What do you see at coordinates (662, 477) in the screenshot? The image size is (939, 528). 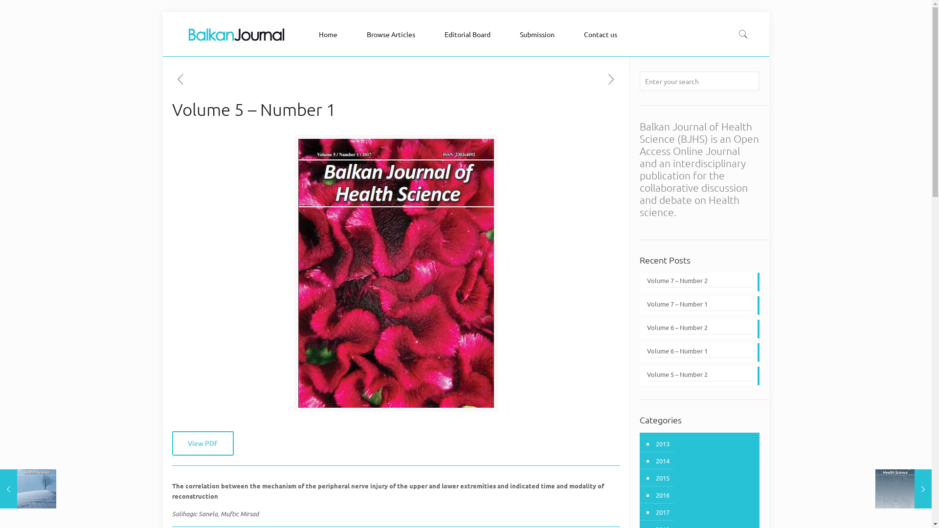 I see `'2015'` at bounding box center [662, 477].